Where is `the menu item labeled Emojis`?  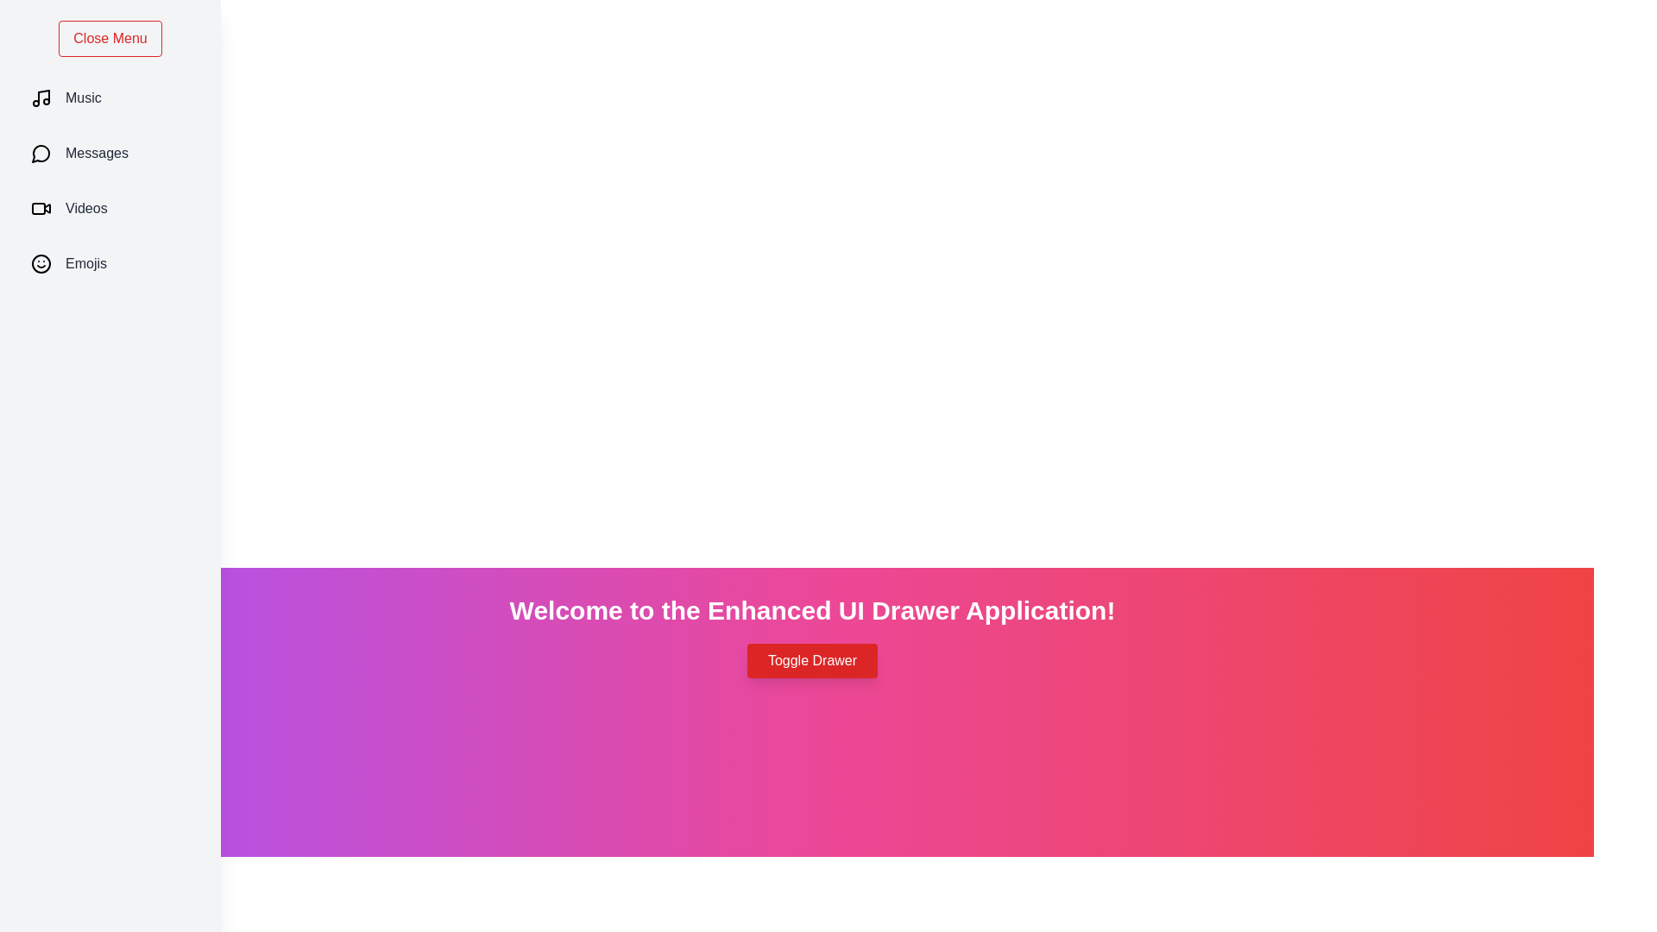
the menu item labeled Emojis is located at coordinates (110, 263).